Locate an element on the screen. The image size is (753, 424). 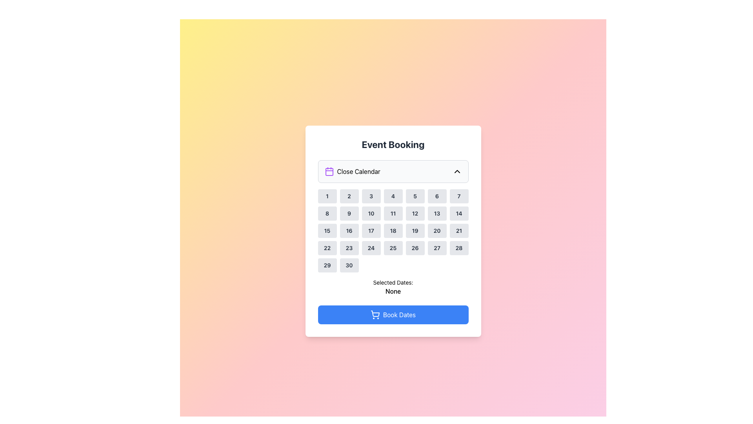
the second button in the first row of the calendar is located at coordinates (349, 196).